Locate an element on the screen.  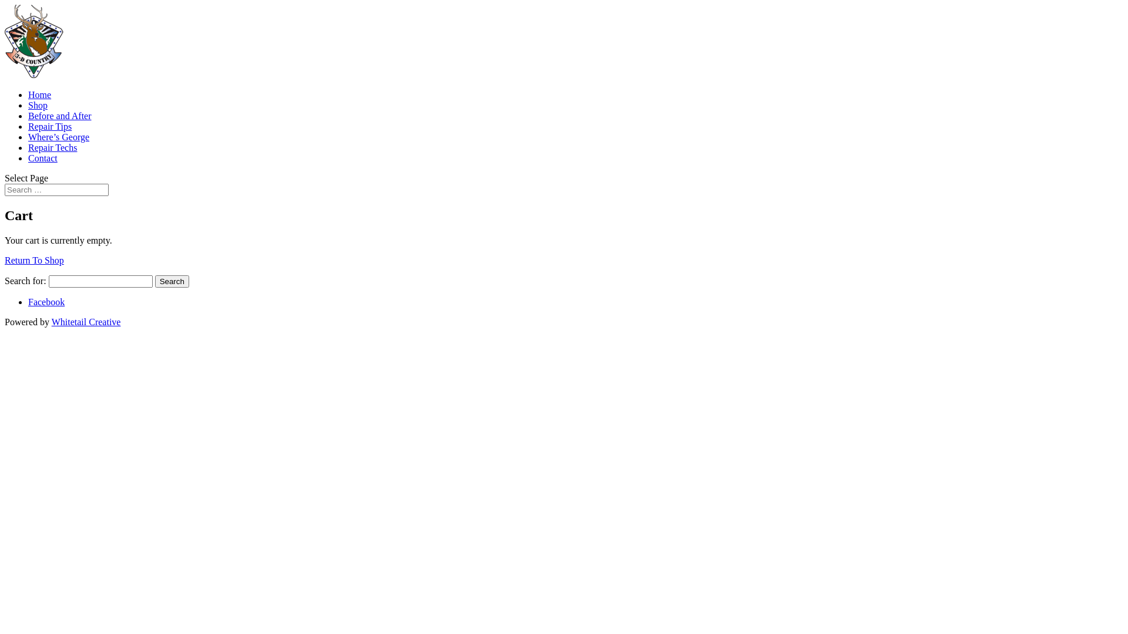
'Facebook' is located at coordinates (46, 301).